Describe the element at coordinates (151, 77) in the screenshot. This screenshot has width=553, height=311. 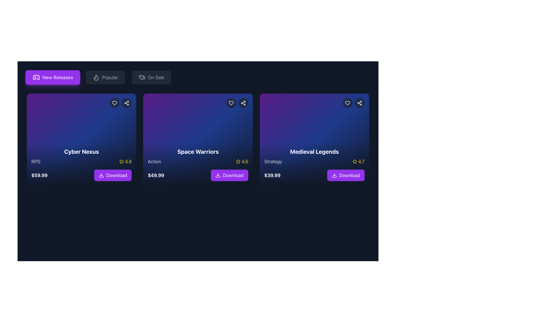
I see `the third button in the navigation bar that filters or displays items on sale` at that location.